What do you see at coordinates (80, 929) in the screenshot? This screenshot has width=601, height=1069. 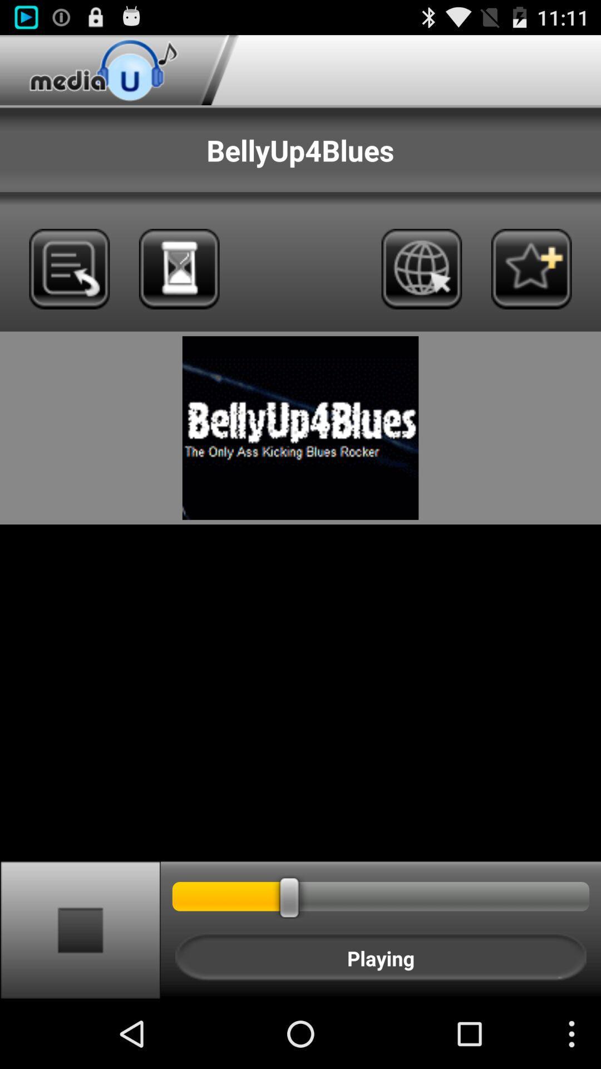 I see `stop switch` at bounding box center [80, 929].